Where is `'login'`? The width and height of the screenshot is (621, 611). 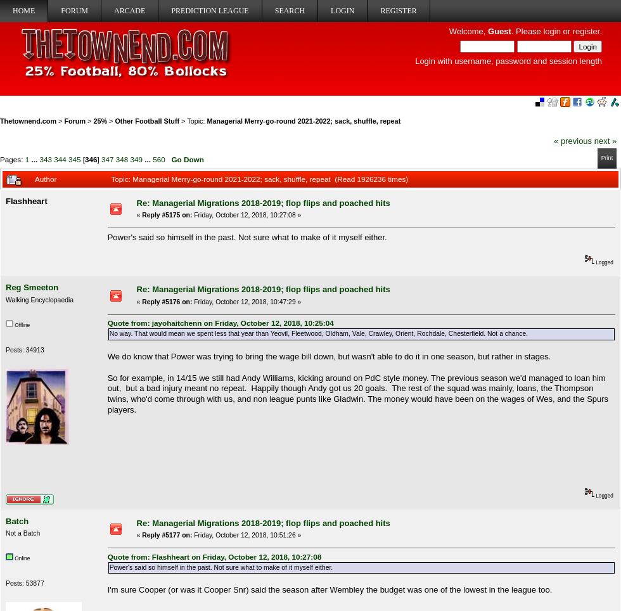 'login' is located at coordinates (551, 31).